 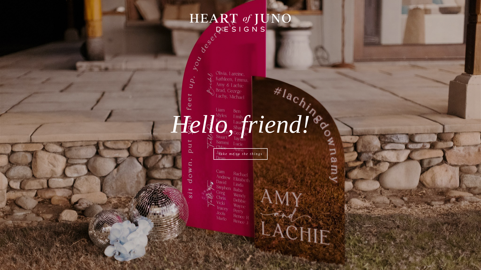 I want to click on 'take me to the things', so click(x=241, y=154).